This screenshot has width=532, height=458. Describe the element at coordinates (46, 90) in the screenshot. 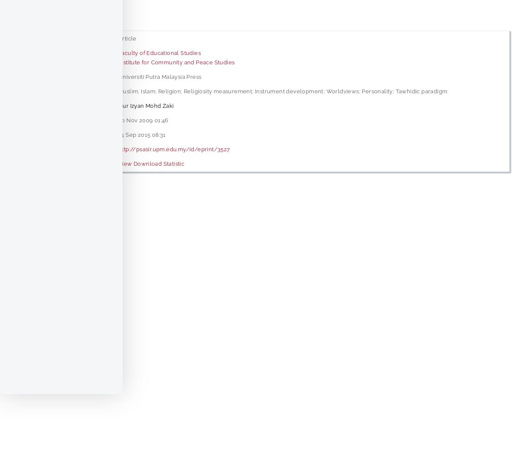

I see `'Keywords:'` at that location.